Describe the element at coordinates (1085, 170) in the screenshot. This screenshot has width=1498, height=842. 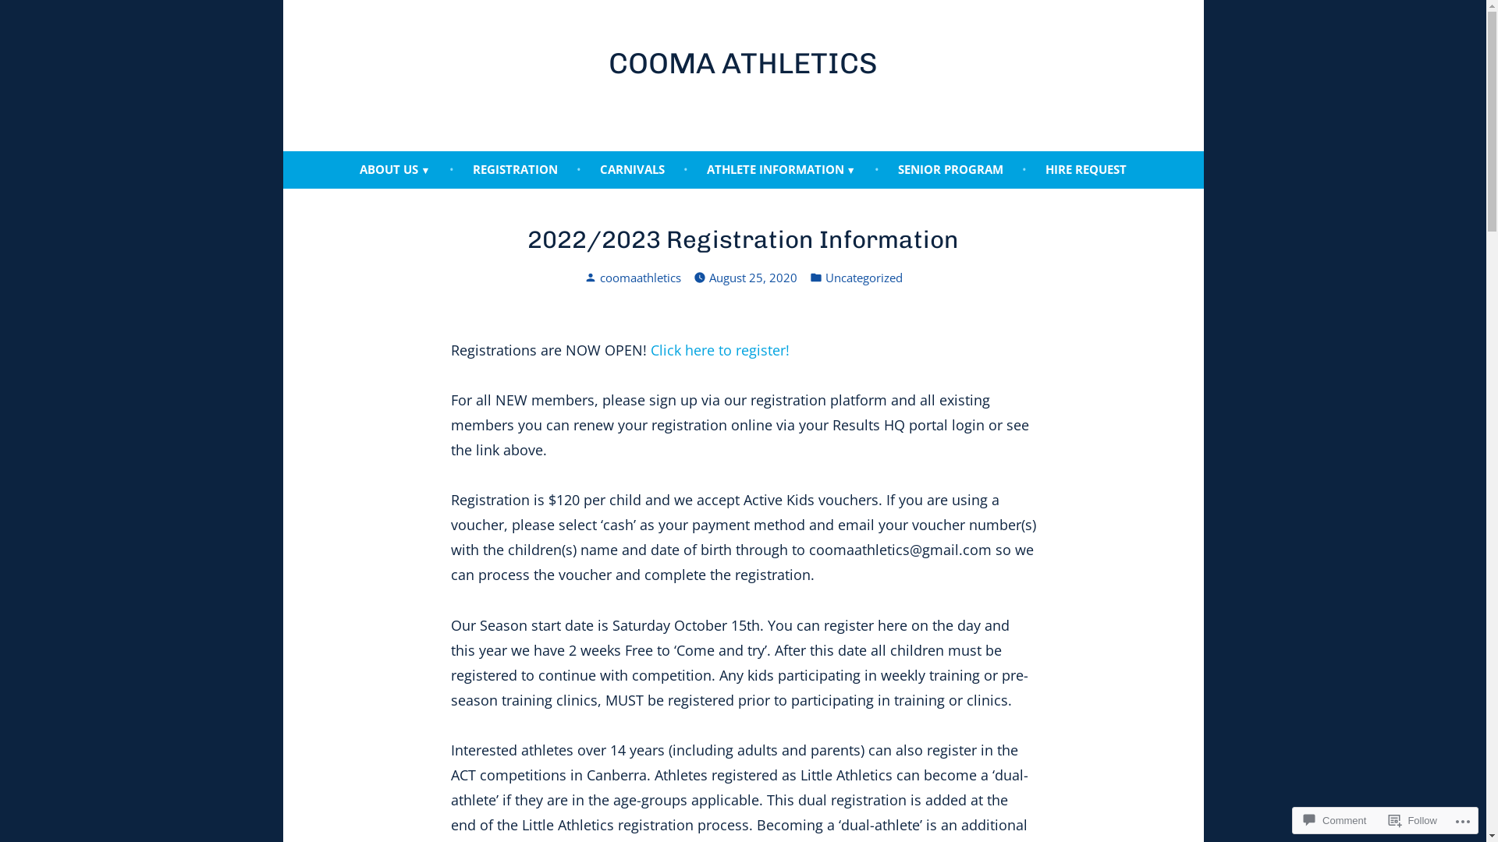
I see `'HIRE REQUEST'` at that location.